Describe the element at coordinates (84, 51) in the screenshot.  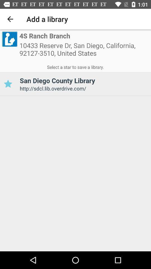
I see `icon above select a star item` at that location.